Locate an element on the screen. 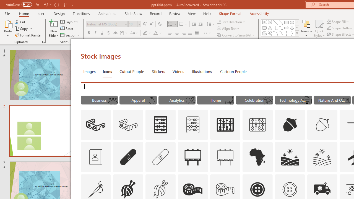  'Right Brace' is located at coordinates (292, 33).